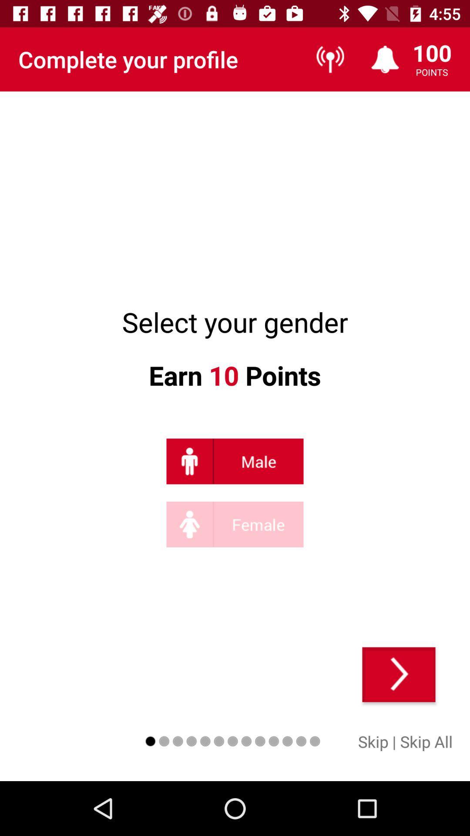 Image resolution: width=470 pixels, height=836 pixels. I want to click on gender male, so click(235, 461).